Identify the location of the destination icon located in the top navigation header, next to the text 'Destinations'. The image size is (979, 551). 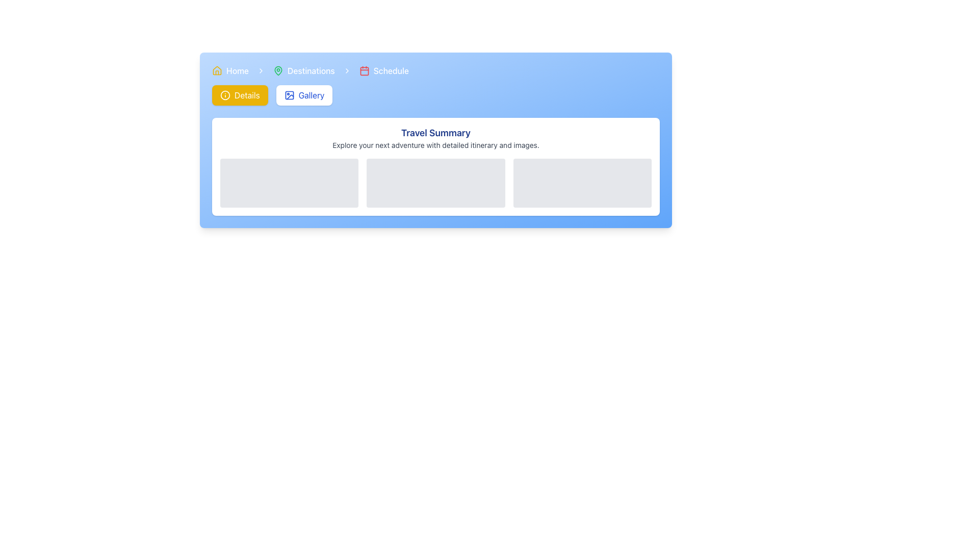
(278, 70).